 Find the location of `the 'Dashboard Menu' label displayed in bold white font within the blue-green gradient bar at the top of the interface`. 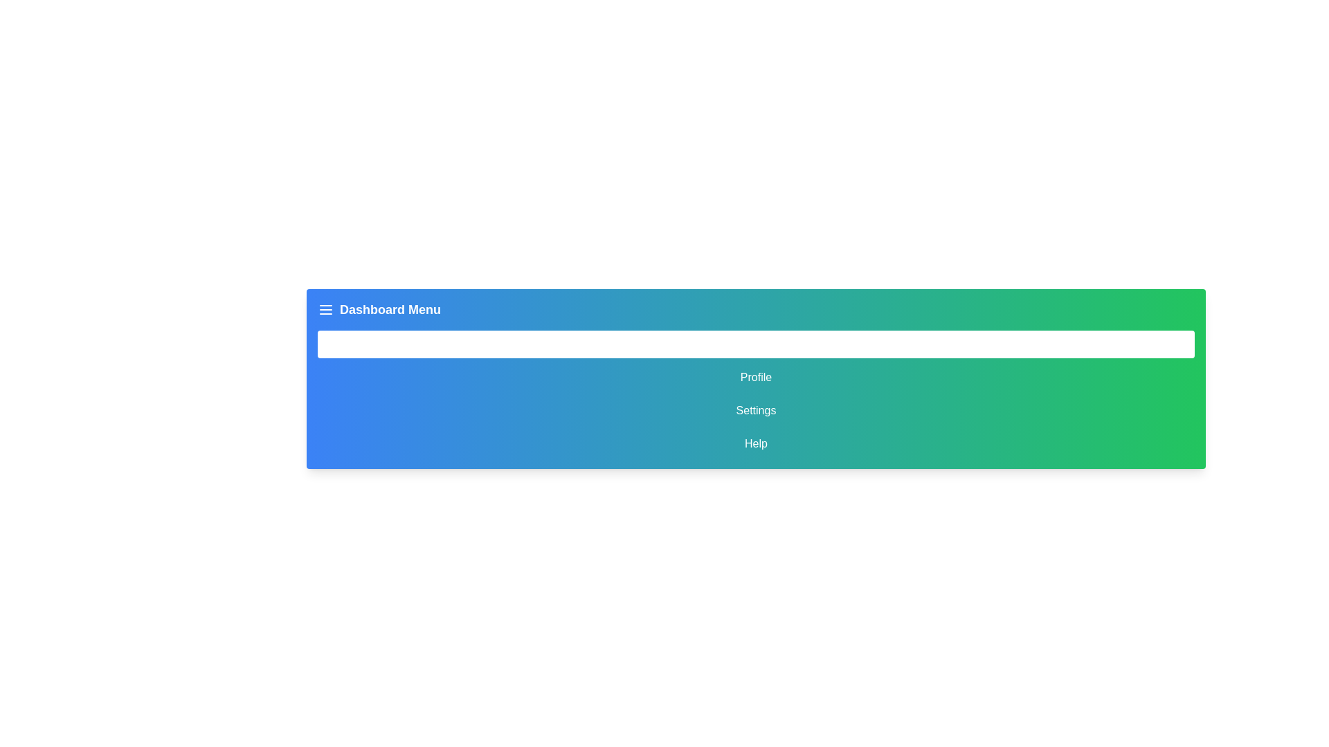

the 'Dashboard Menu' label displayed in bold white font within the blue-green gradient bar at the top of the interface is located at coordinates (390, 308).